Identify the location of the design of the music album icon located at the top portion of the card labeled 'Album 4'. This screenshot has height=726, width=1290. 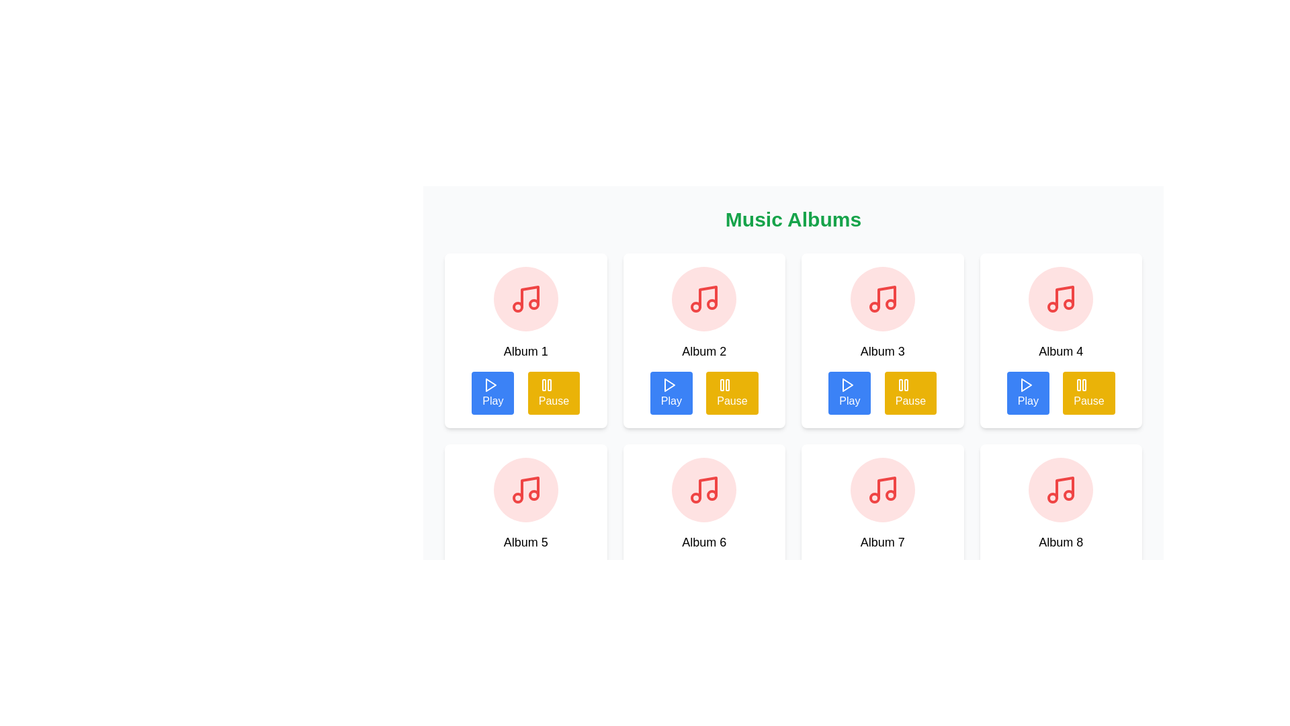
(1060, 298).